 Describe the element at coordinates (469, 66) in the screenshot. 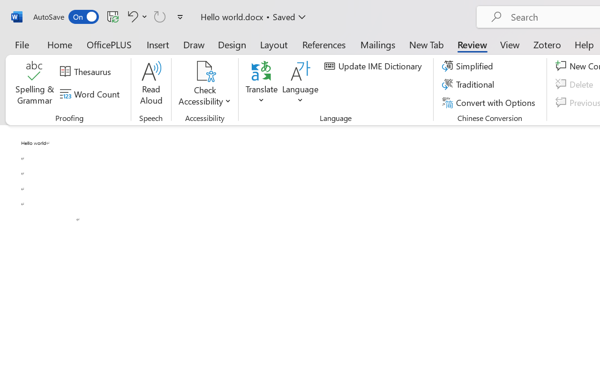

I see `'Simplified'` at that location.